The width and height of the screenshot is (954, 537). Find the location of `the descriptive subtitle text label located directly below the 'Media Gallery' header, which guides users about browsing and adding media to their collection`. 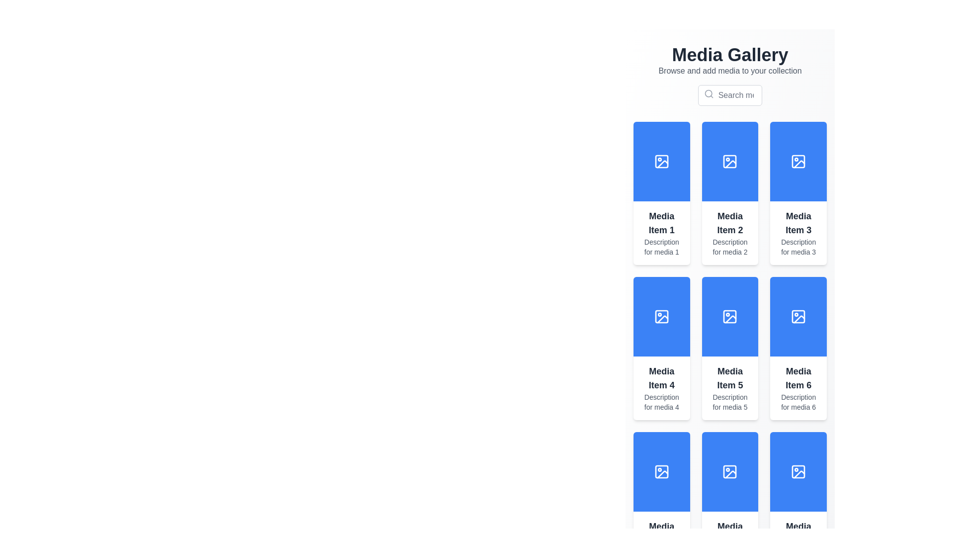

the descriptive subtitle text label located directly below the 'Media Gallery' header, which guides users about browsing and adding media to their collection is located at coordinates (730, 70).